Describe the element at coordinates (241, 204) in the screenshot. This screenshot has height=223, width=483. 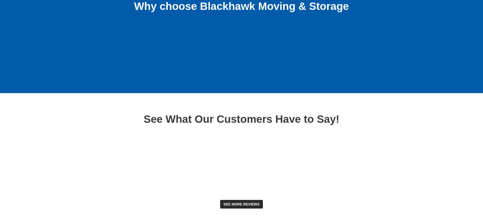
I see `'See More Reviews'` at that location.